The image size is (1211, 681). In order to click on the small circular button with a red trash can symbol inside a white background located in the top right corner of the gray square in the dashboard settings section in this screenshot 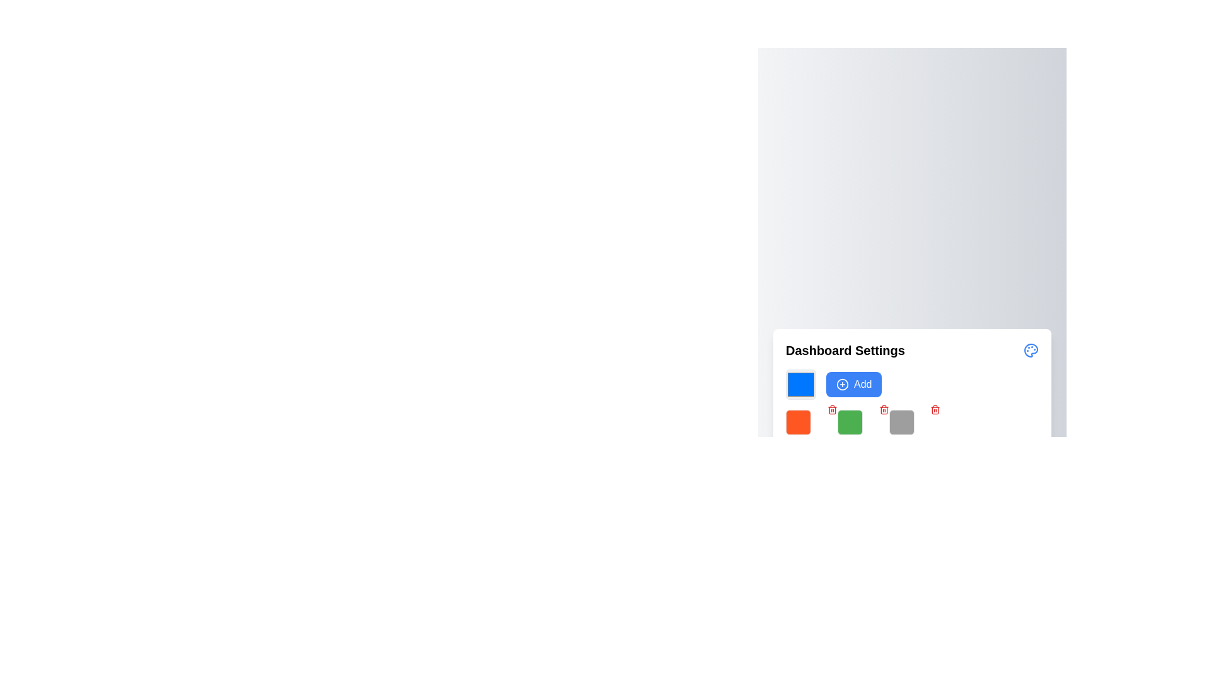, I will do `click(935, 410)`.